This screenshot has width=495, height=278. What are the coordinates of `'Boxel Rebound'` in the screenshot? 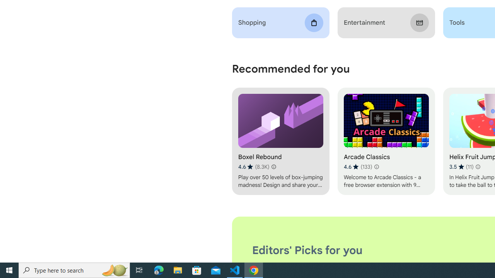 It's located at (280, 141).